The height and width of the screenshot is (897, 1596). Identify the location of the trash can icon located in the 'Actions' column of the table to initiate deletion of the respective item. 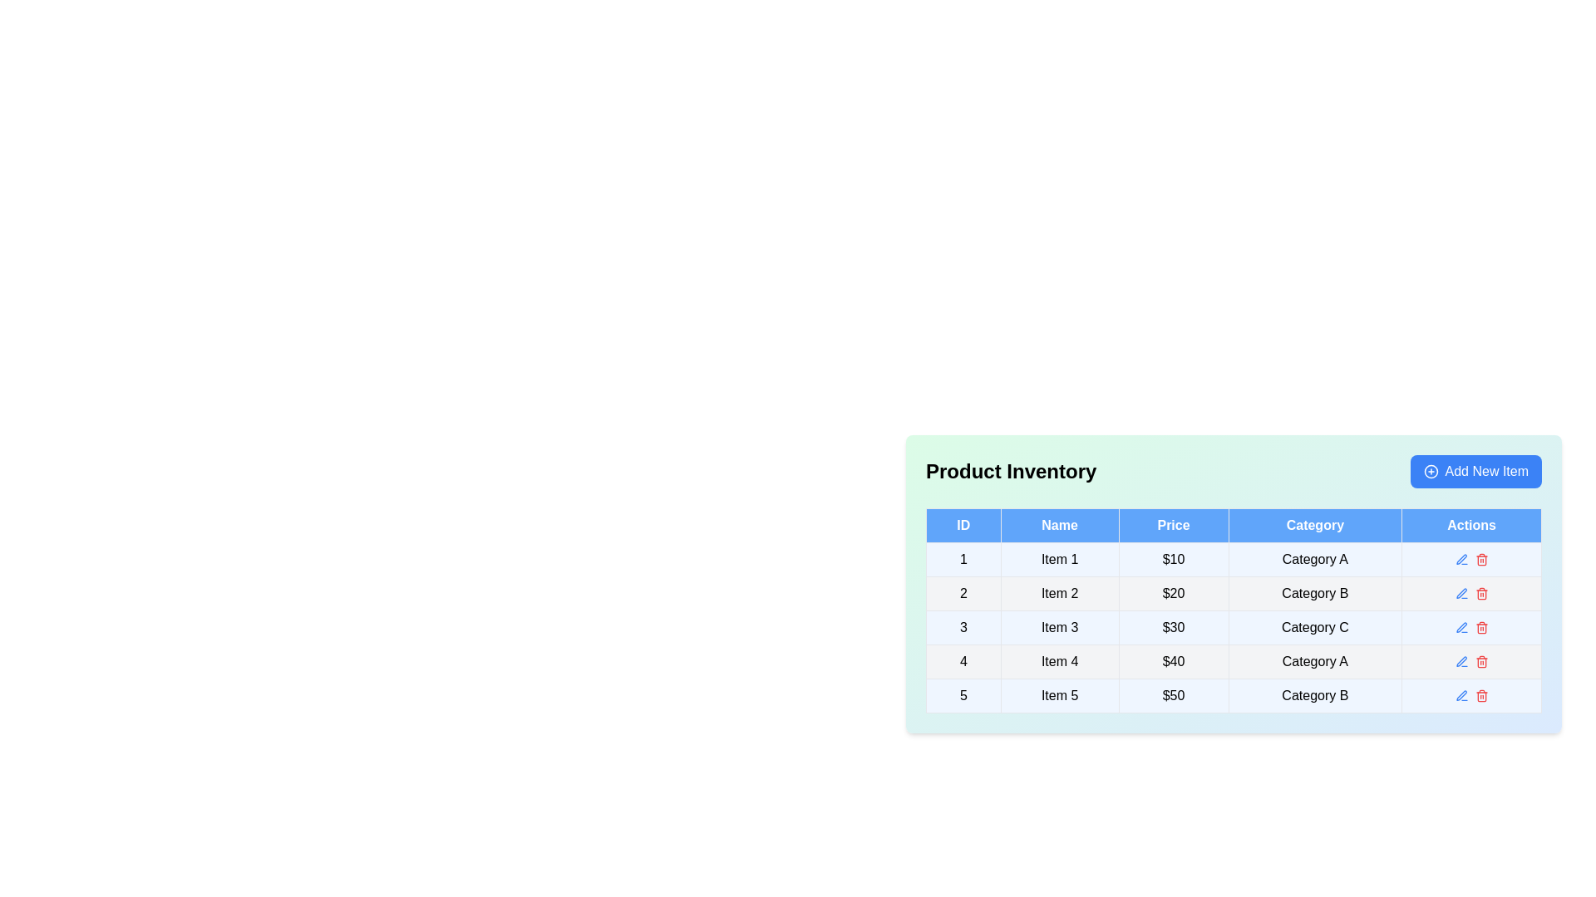
(1480, 662).